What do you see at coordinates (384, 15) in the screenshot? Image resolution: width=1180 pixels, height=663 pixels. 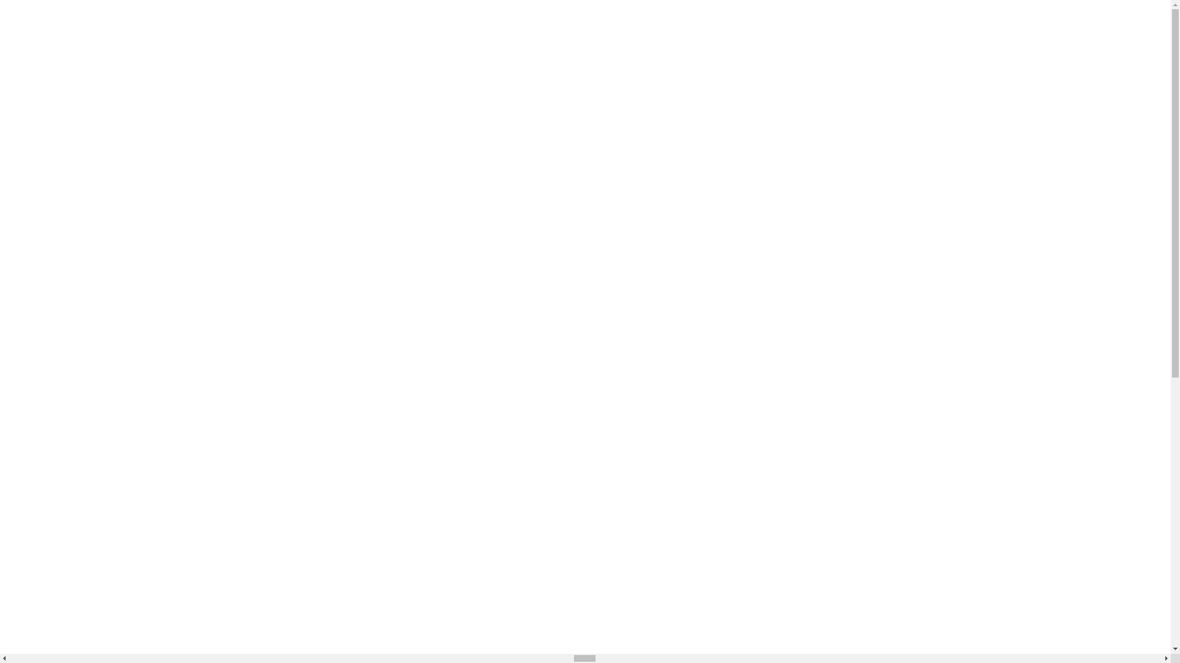 I see `'  English'` at bounding box center [384, 15].